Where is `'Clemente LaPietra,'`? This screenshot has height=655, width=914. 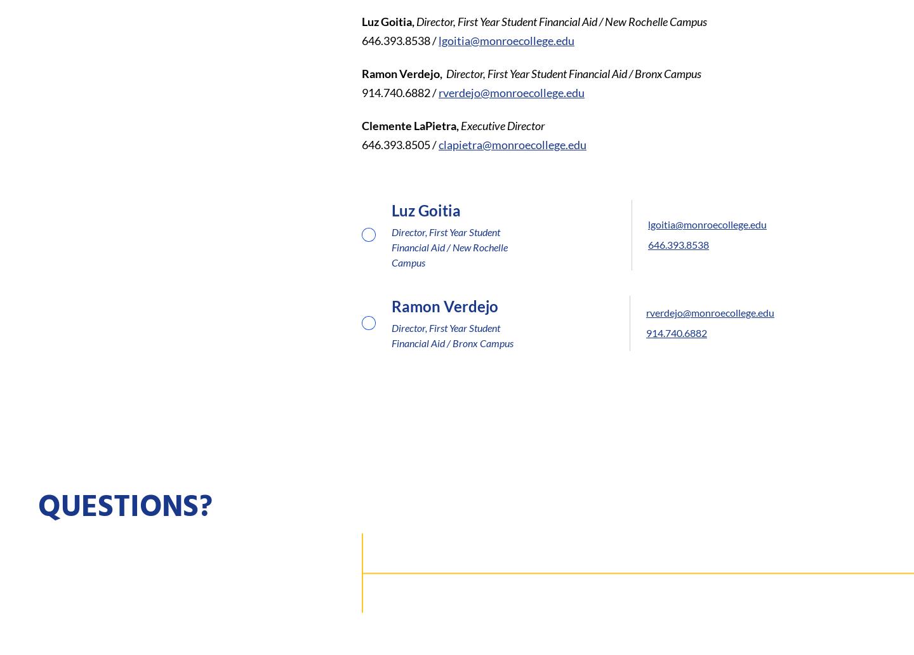 'Clemente LaPietra,' is located at coordinates (361, 124).